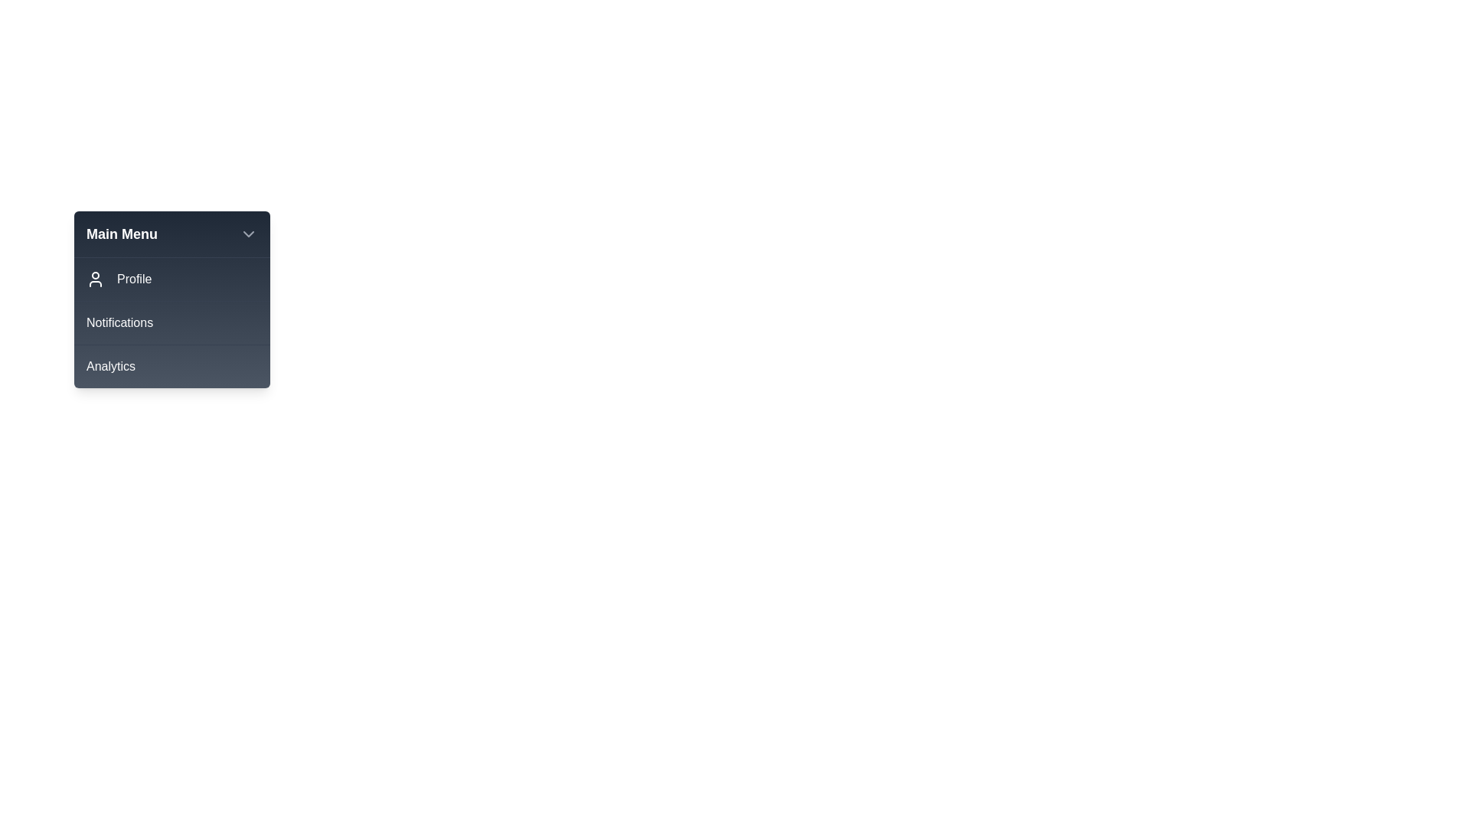  Describe the element at coordinates (94, 279) in the screenshot. I see `the icon associated with the menu item Profile` at that location.